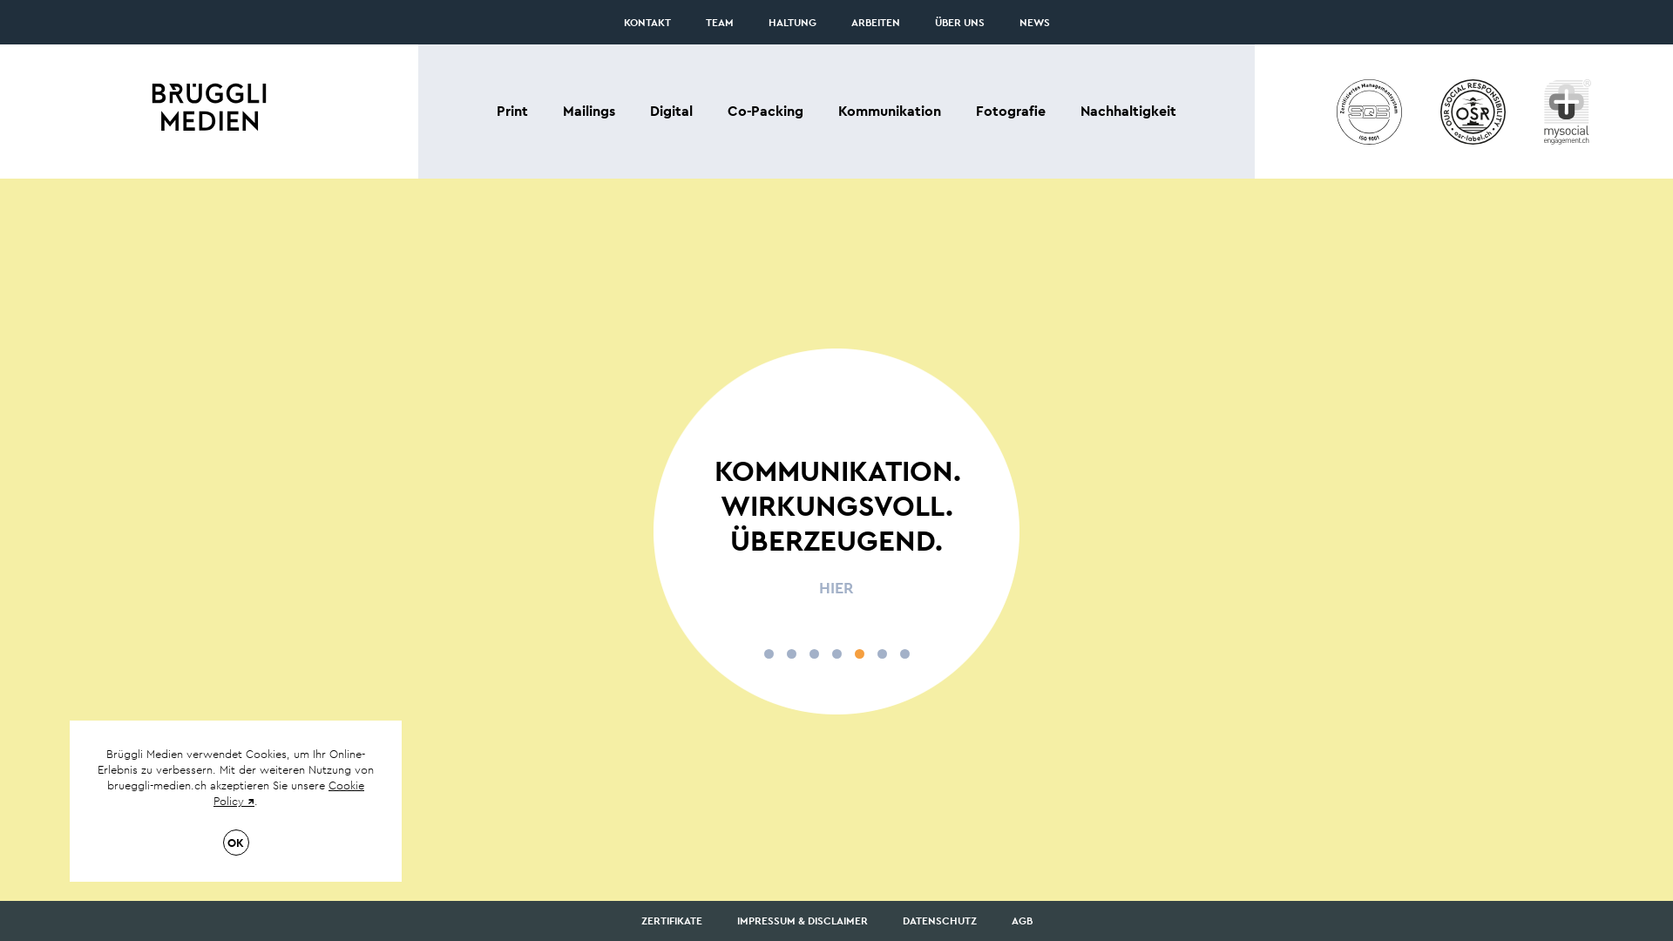  Describe the element at coordinates (647, 23) in the screenshot. I see `'KONTAKT'` at that location.